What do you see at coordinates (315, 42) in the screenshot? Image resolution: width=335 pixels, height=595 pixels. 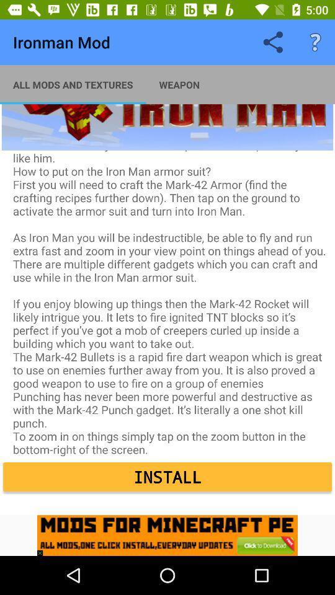 I see `icon above the the iron man` at bounding box center [315, 42].